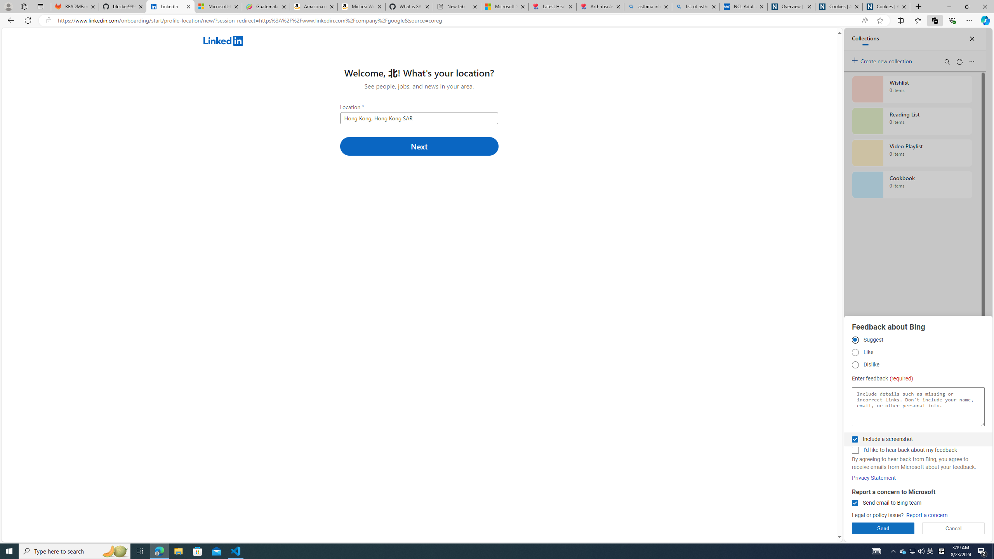  Describe the element at coordinates (600, 6) in the screenshot. I see `'Arthritis: Ask Health Professionals'` at that location.